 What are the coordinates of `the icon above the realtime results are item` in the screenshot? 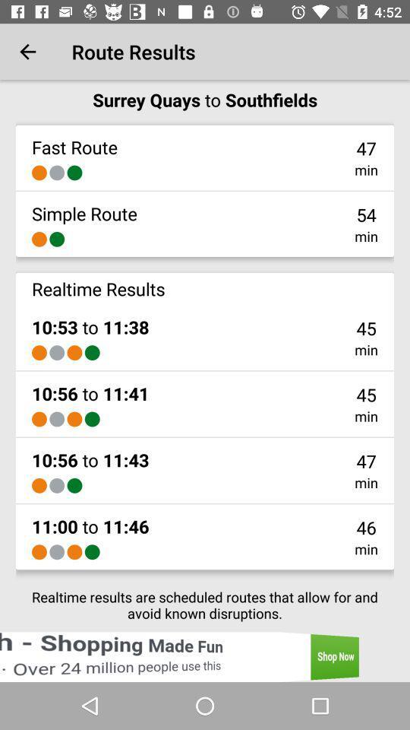 It's located at (39, 551).